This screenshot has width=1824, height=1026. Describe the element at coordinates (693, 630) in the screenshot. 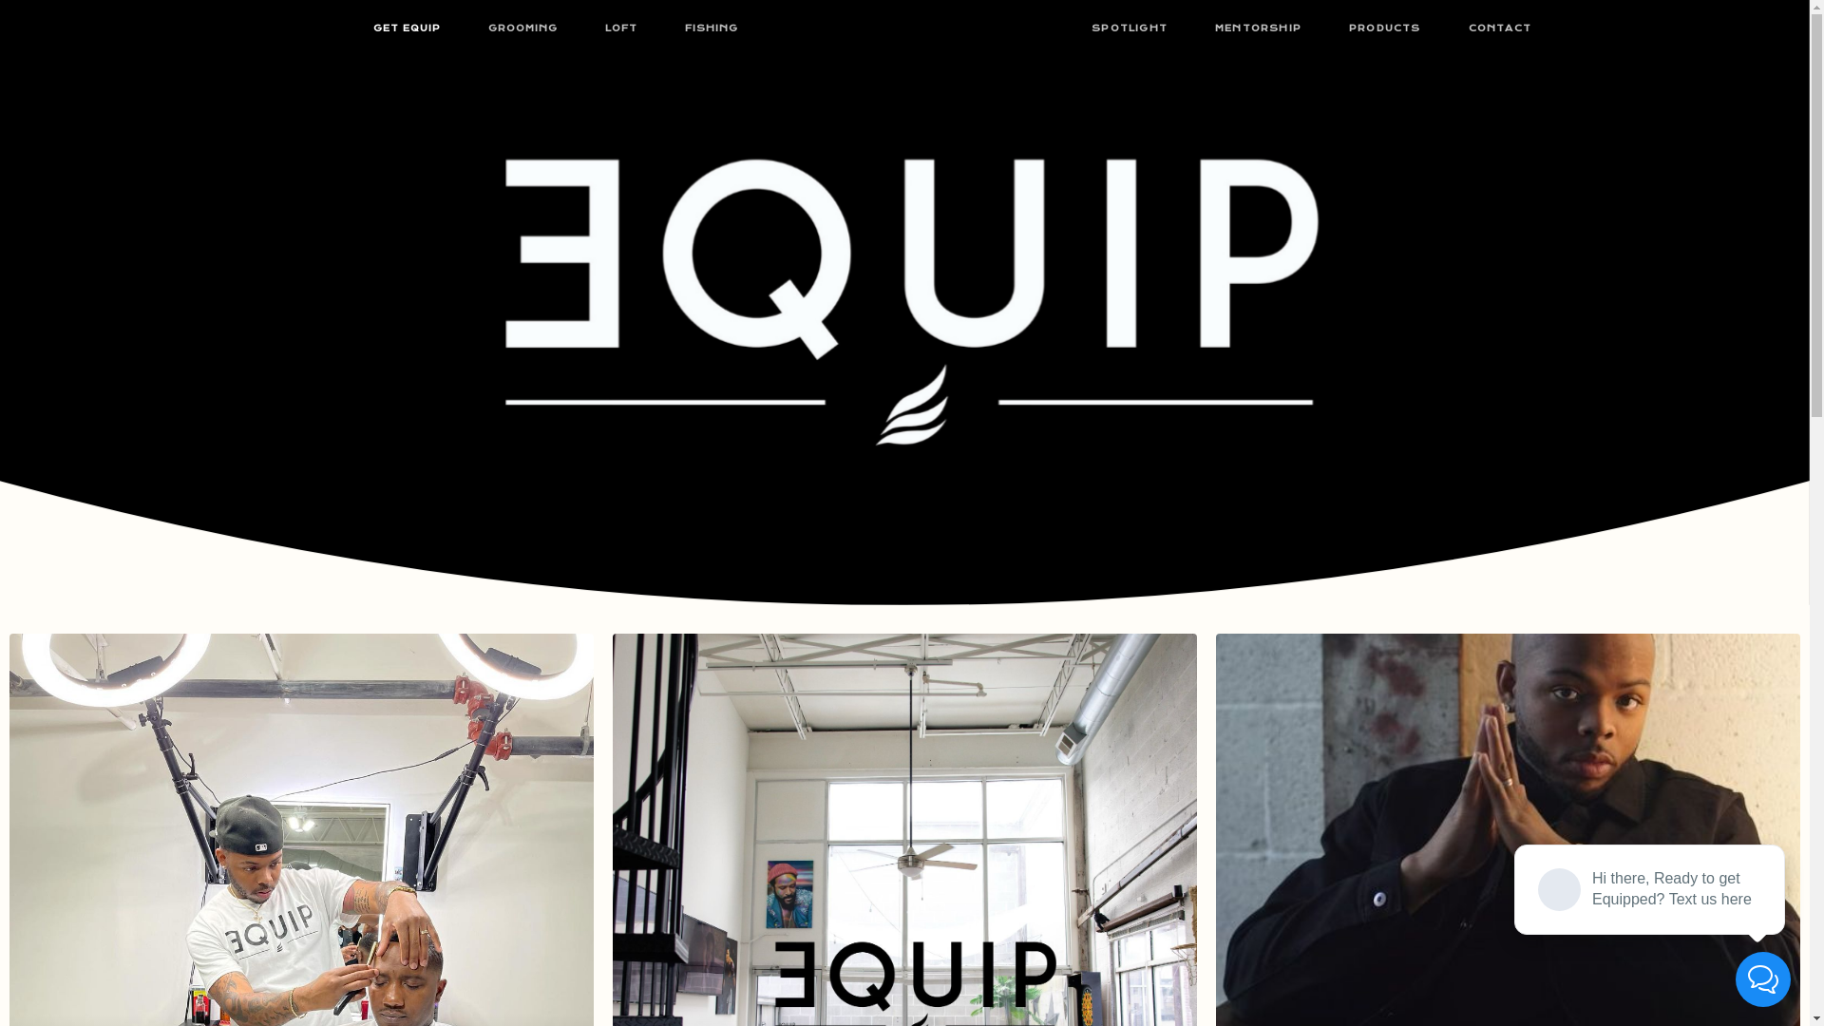

I see `'Grooming'` at that location.